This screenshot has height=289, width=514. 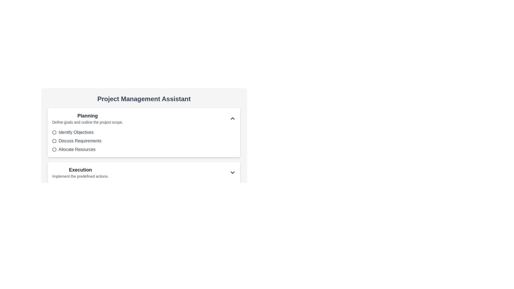 What do you see at coordinates (144, 99) in the screenshot?
I see `the section header text element titled 'Project Management Assistant', which is displayed in large, bold, dark gray font and is centered at the top of the section panel` at bounding box center [144, 99].